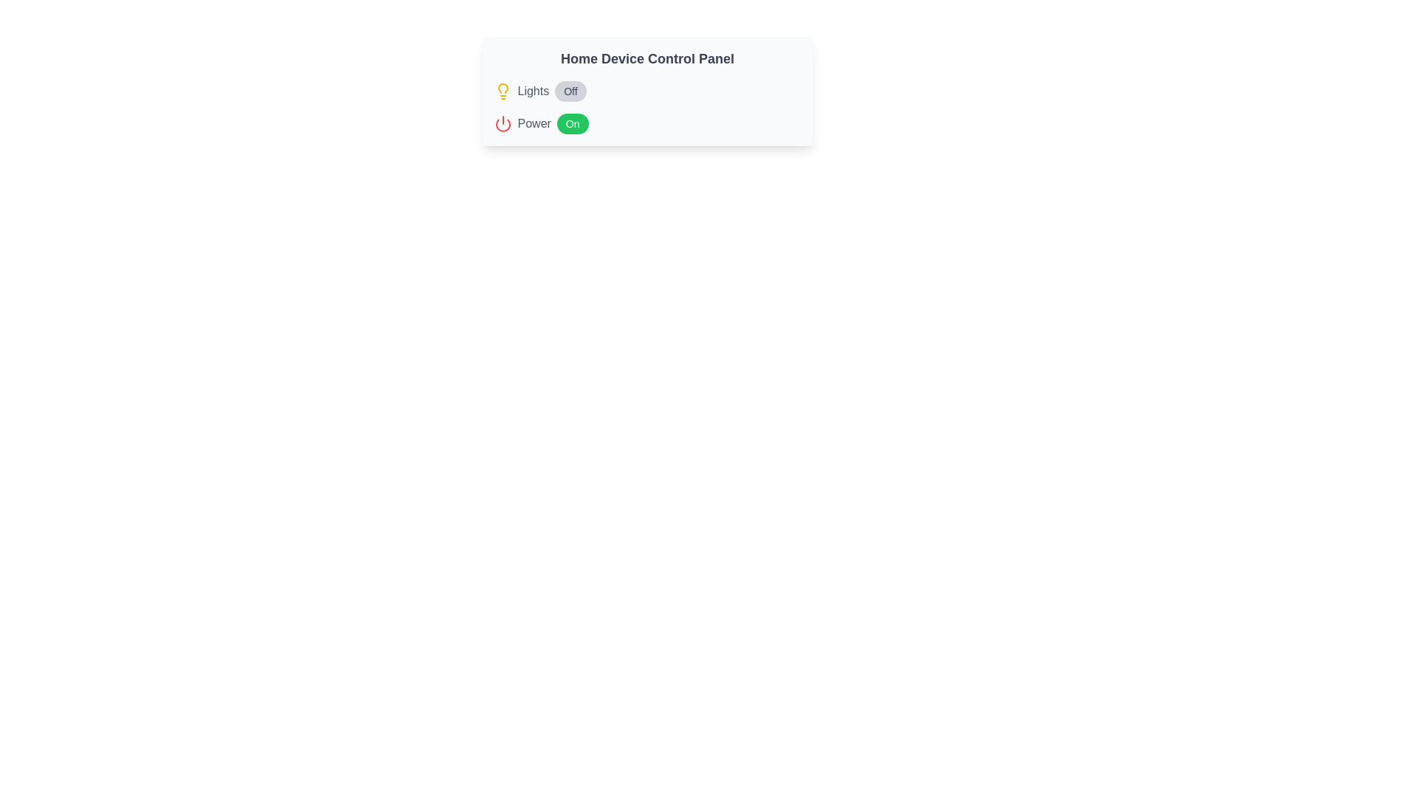 This screenshot has width=1417, height=797. What do you see at coordinates (570, 91) in the screenshot?
I see `the rounded rectangle button labeled 'Off' with a light gray background` at bounding box center [570, 91].